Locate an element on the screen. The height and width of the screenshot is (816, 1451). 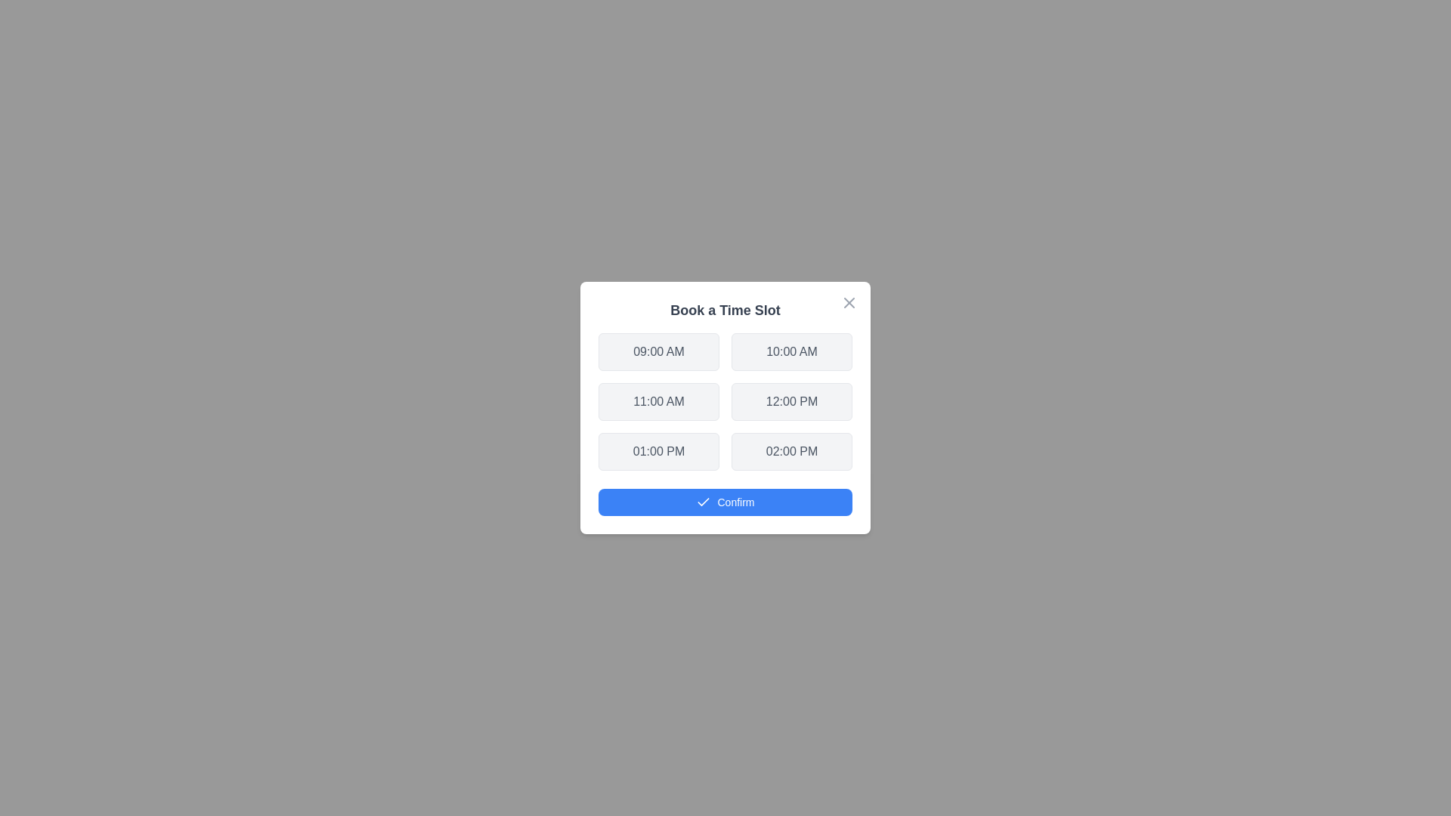
close button at the top-right corner of the dialog is located at coordinates (849, 303).